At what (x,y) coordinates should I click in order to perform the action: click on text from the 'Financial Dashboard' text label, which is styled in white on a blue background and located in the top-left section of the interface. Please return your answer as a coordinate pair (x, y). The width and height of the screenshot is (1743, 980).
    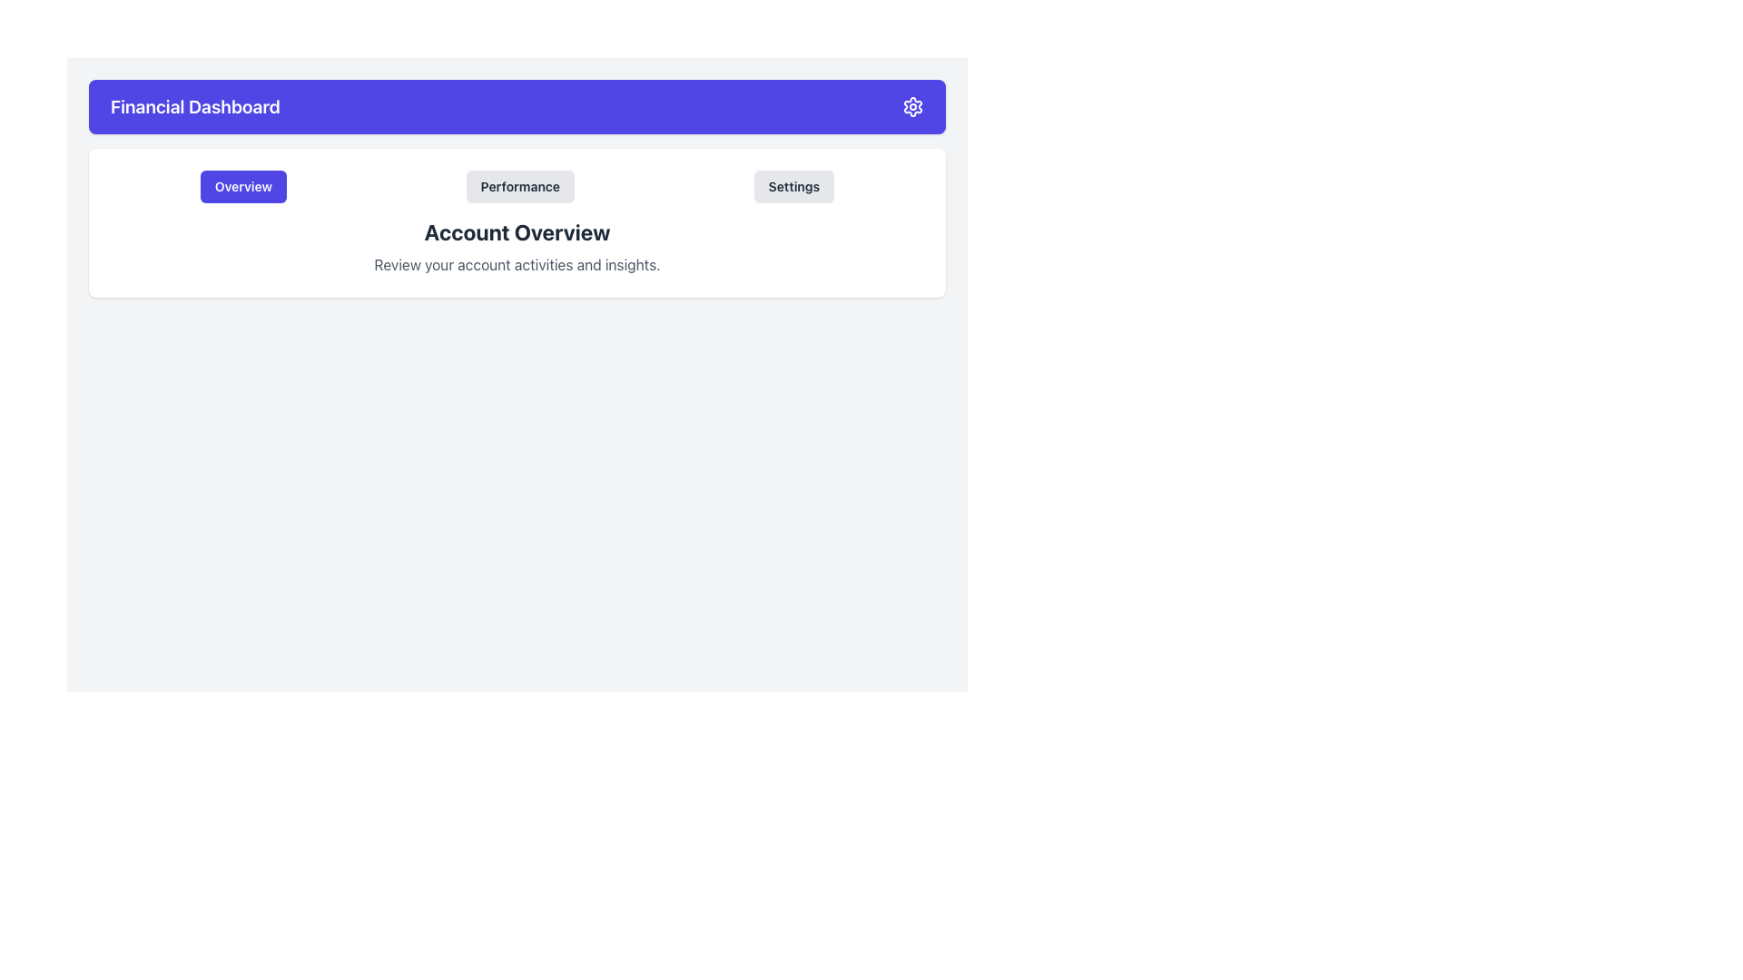
    Looking at the image, I should click on (195, 107).